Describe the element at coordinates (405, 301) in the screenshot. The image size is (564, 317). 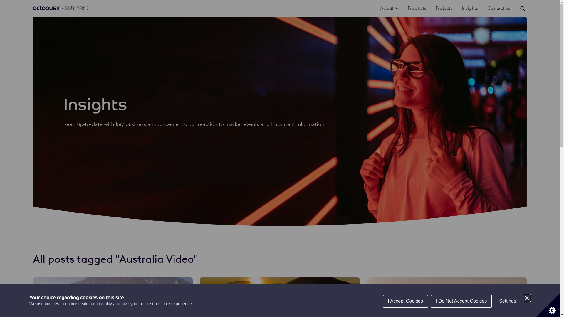
I see `'I Accept Cookies'` at that location.